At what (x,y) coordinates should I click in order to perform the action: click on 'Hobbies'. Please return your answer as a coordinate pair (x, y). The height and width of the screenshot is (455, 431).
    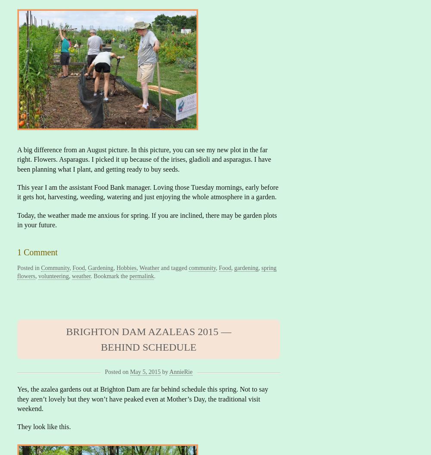
    Looking at the image, I should click on (126, 267).